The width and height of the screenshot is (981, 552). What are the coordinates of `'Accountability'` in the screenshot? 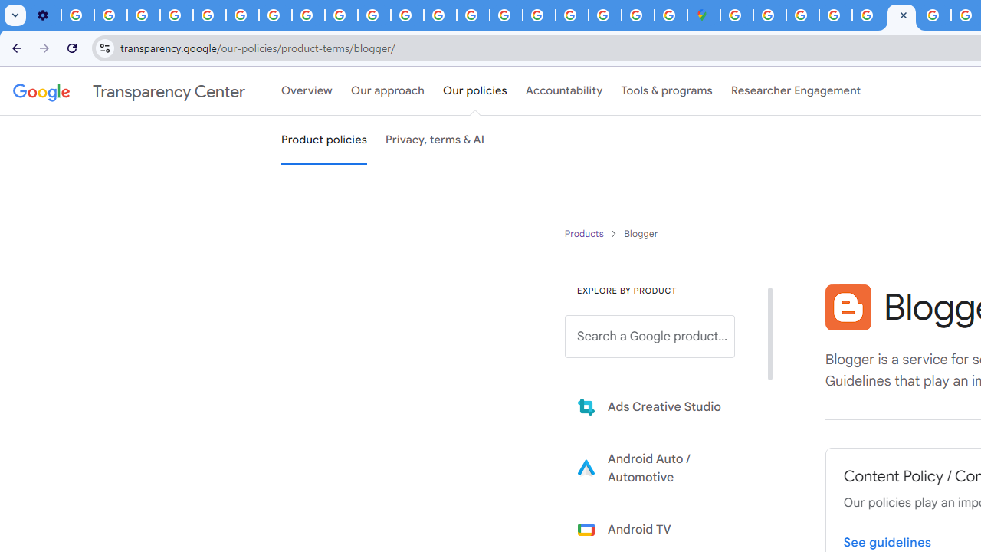 It's located at (563, 91).